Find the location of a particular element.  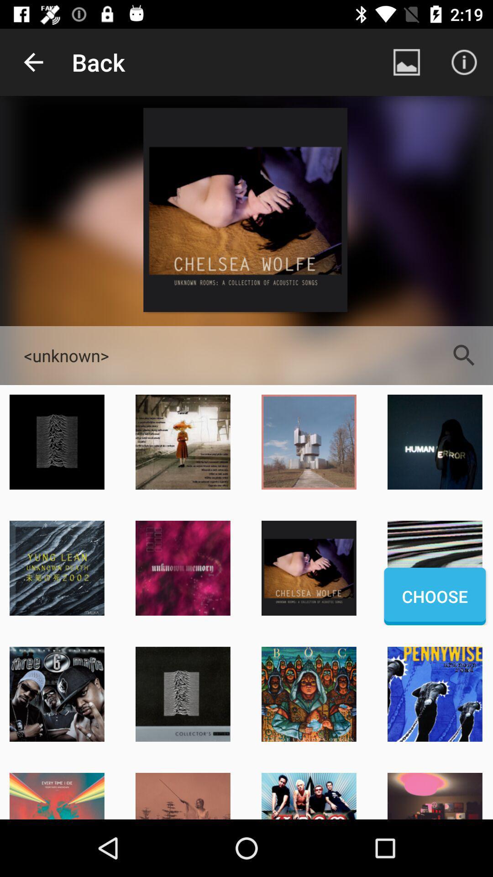

the icon to the left of back icon is located at coordinates (33, 62).